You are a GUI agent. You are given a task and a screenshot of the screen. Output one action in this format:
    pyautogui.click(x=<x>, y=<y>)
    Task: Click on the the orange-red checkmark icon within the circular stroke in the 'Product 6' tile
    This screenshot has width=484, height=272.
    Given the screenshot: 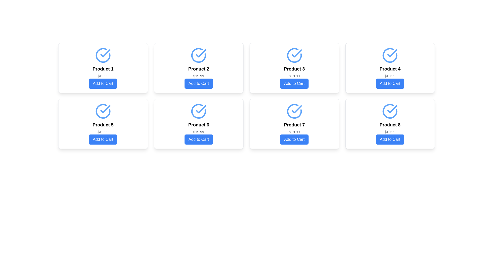 What is the action you would take?
    pyautogui.click(x=201, y=109)
    